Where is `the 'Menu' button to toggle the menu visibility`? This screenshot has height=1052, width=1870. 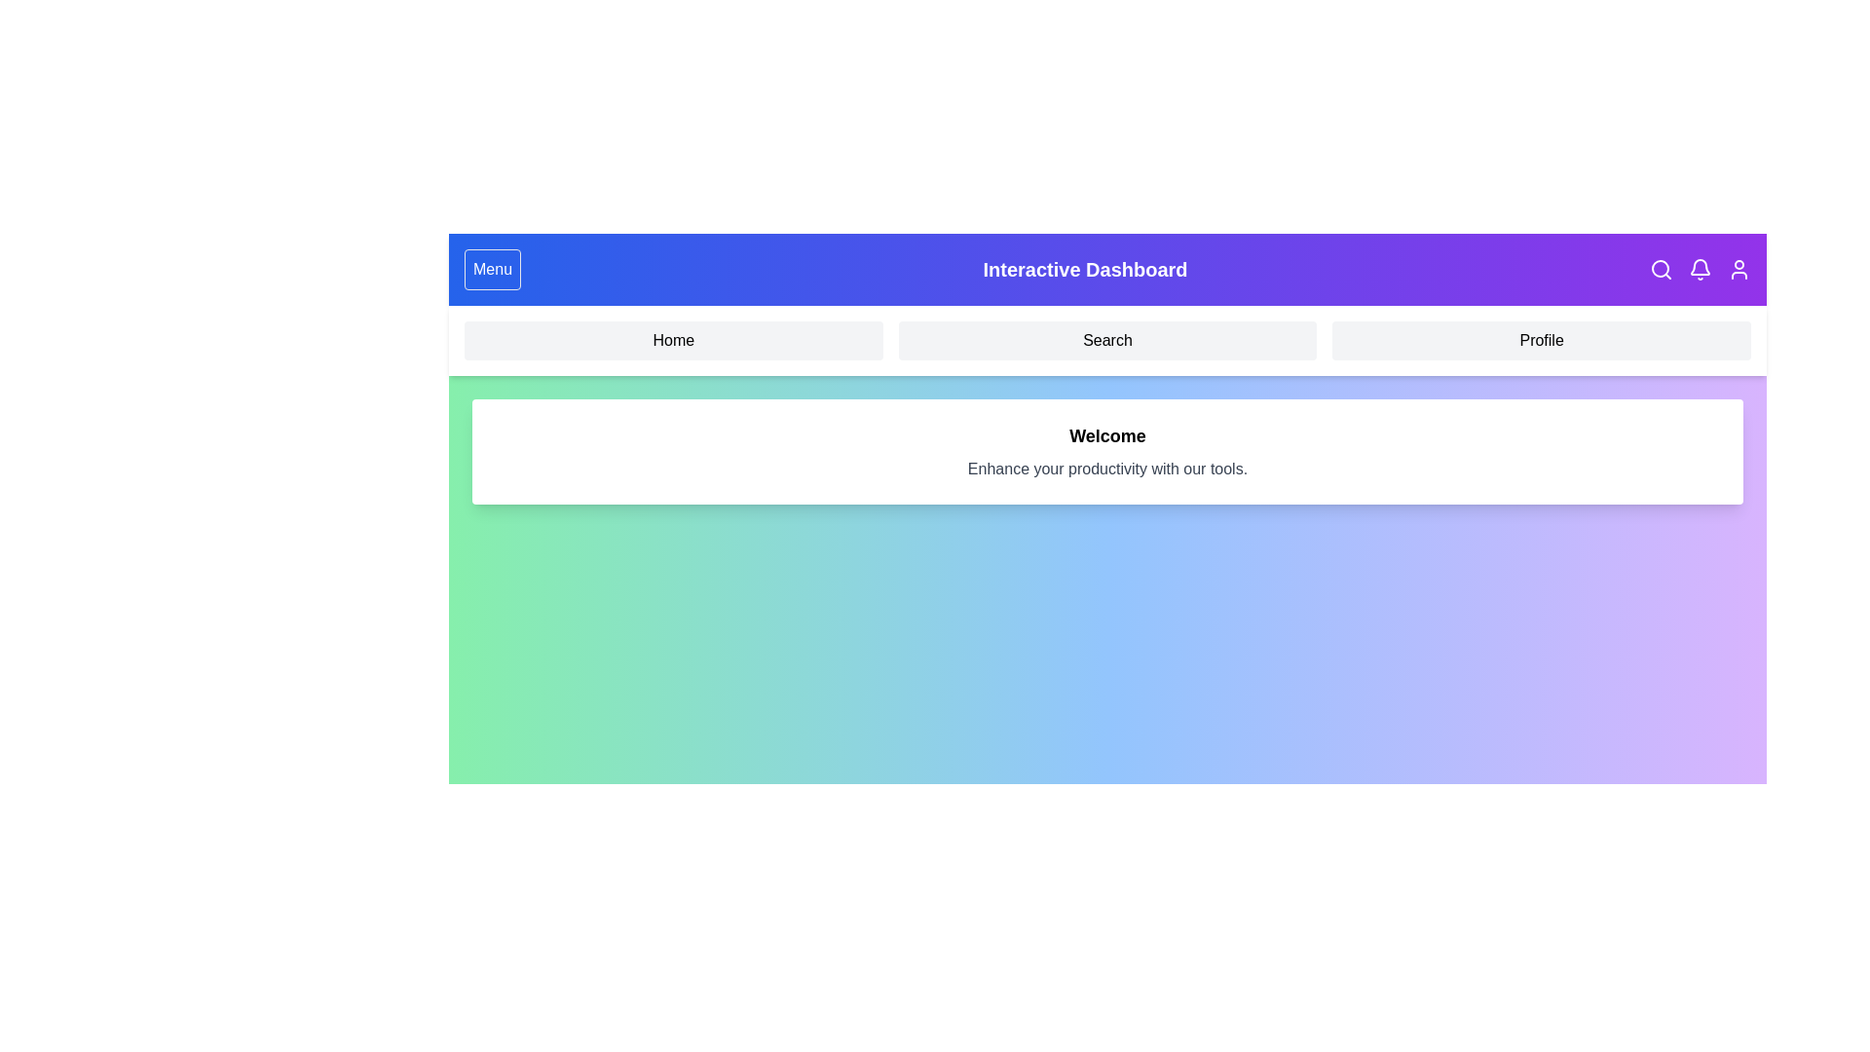 the 'Menu' button to toggle the menu visibility is located at coordinates (492, 270).